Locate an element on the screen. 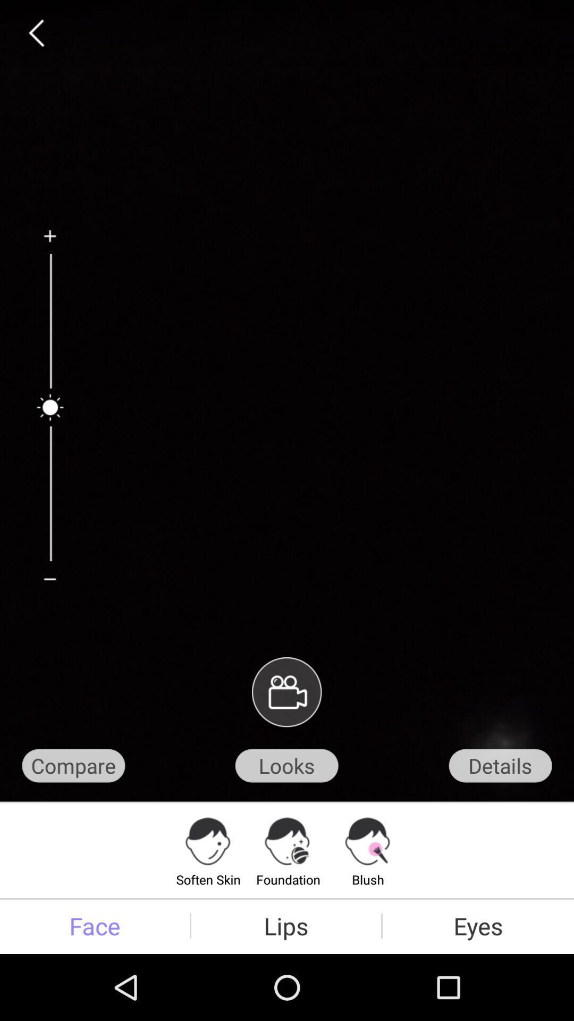 This screenshot has width=574, height=1021. the option soften skin is located at coordinates (208, 849).